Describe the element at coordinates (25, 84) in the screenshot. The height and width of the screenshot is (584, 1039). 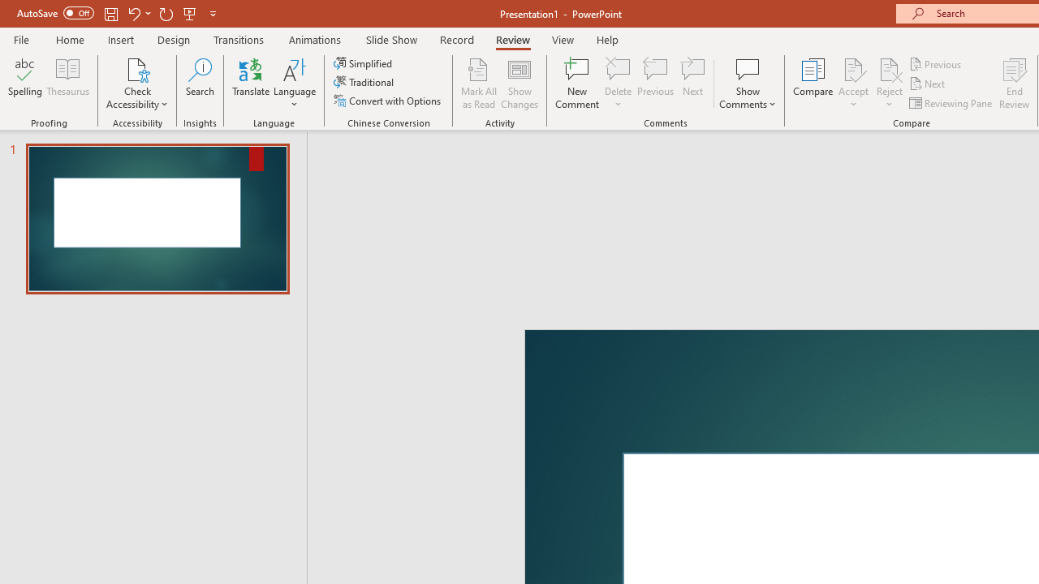
I see `'Spelling...'` at that location.